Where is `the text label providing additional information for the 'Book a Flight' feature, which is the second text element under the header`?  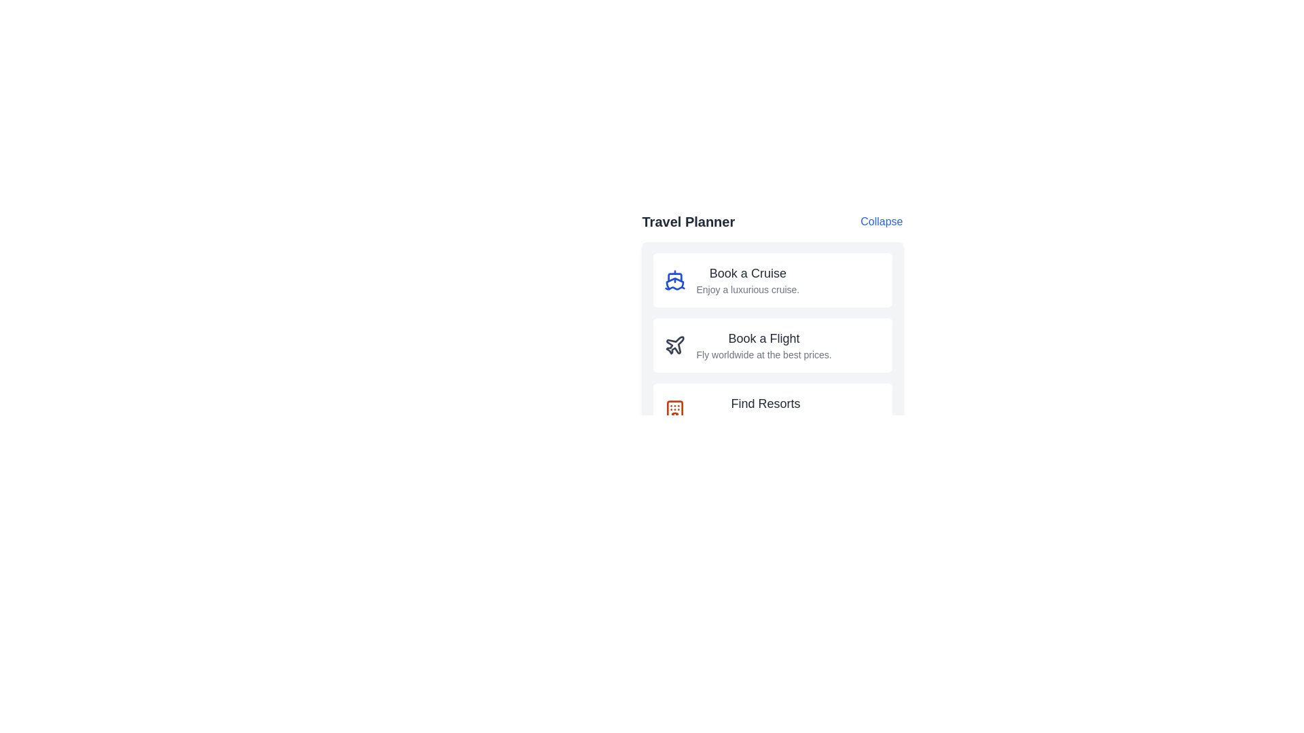 the text label providing additional information for the 'Book a Flight' feature, which is the second text element under the header is located at coordinates (764, 354).